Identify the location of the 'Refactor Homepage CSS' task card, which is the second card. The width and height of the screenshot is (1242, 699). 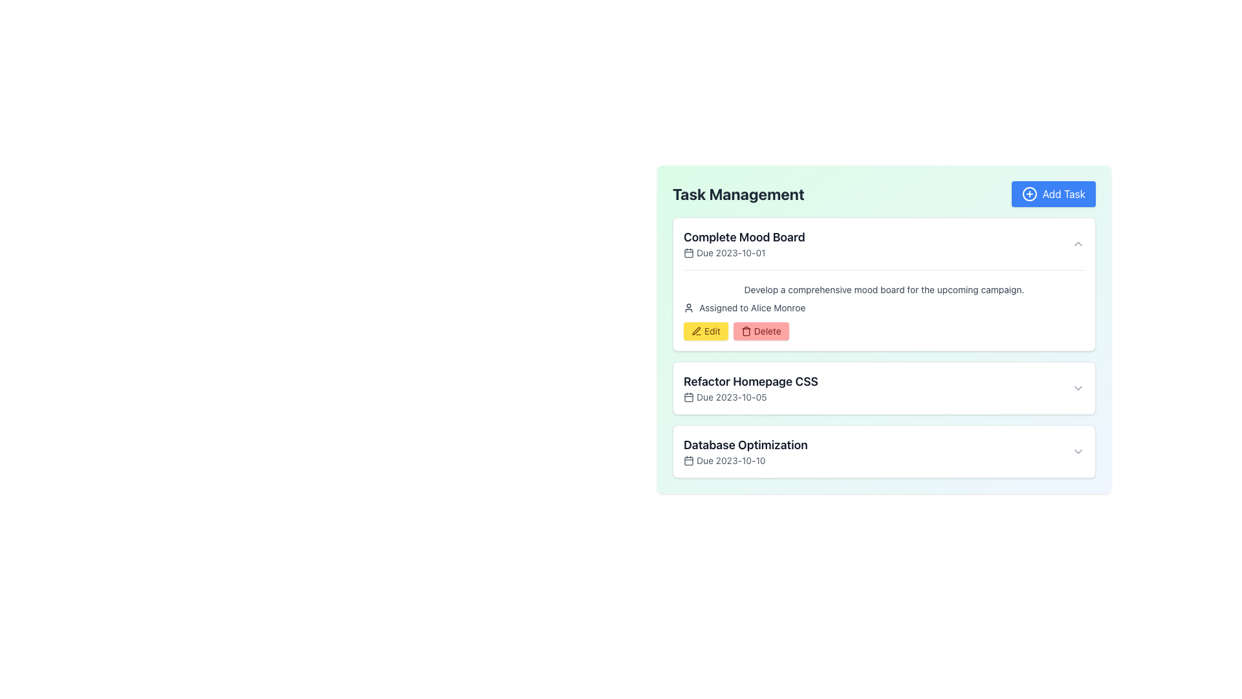
(884, 388).